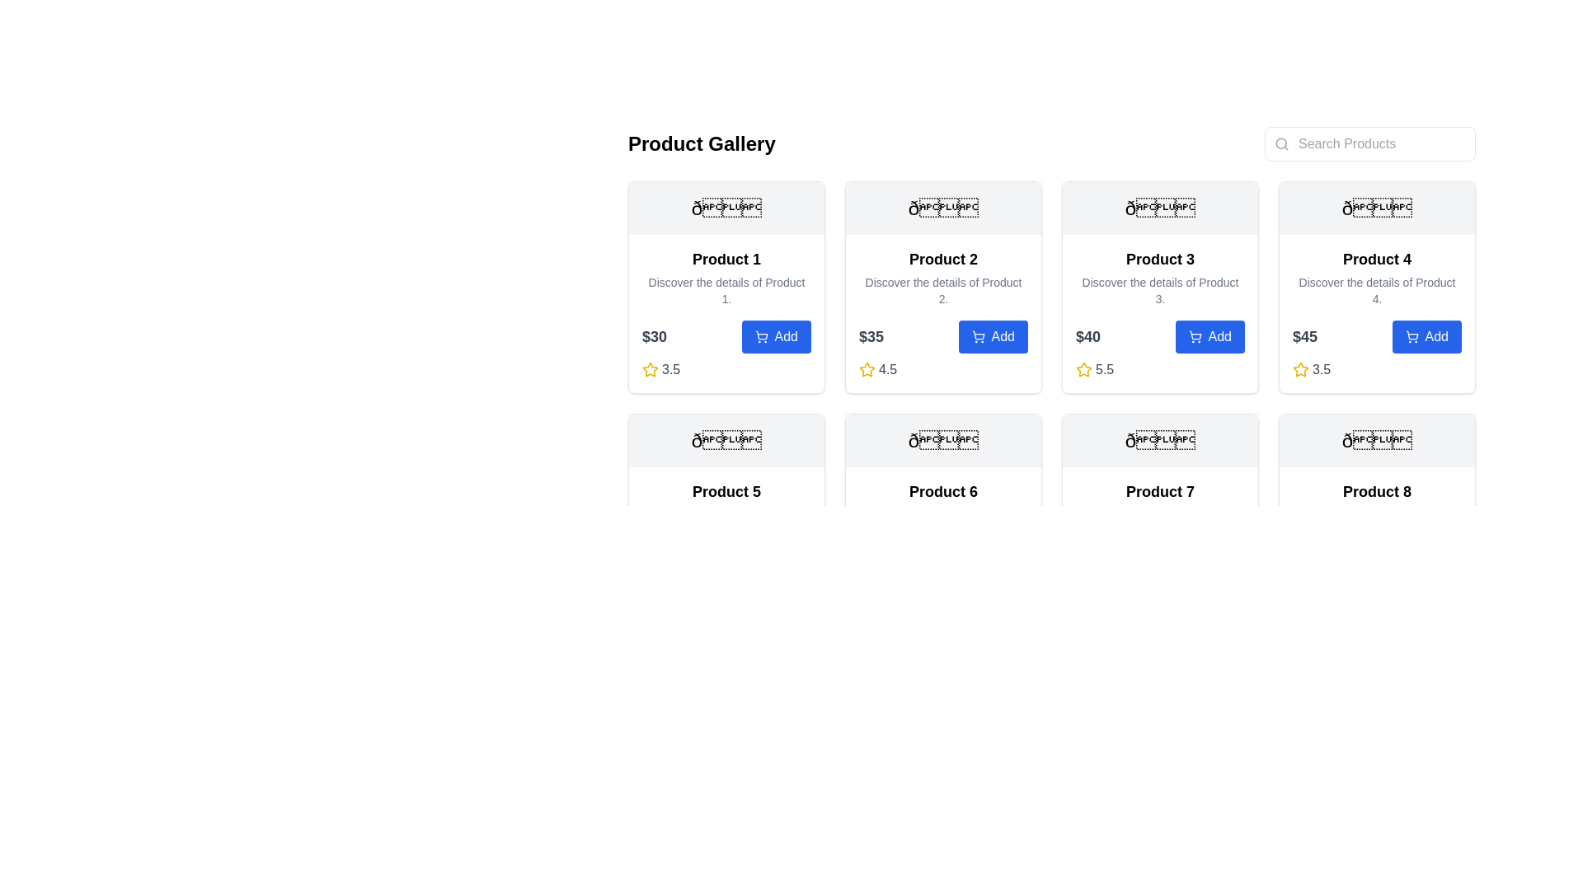  What do you see at coordinates (1377, 491) in the screenshot?
I see `the product name displayed as a heading in the product gallery, specifically the label 'Product 8' located in the bottom-right panel of the grid` at bounding box center [1377, 491].